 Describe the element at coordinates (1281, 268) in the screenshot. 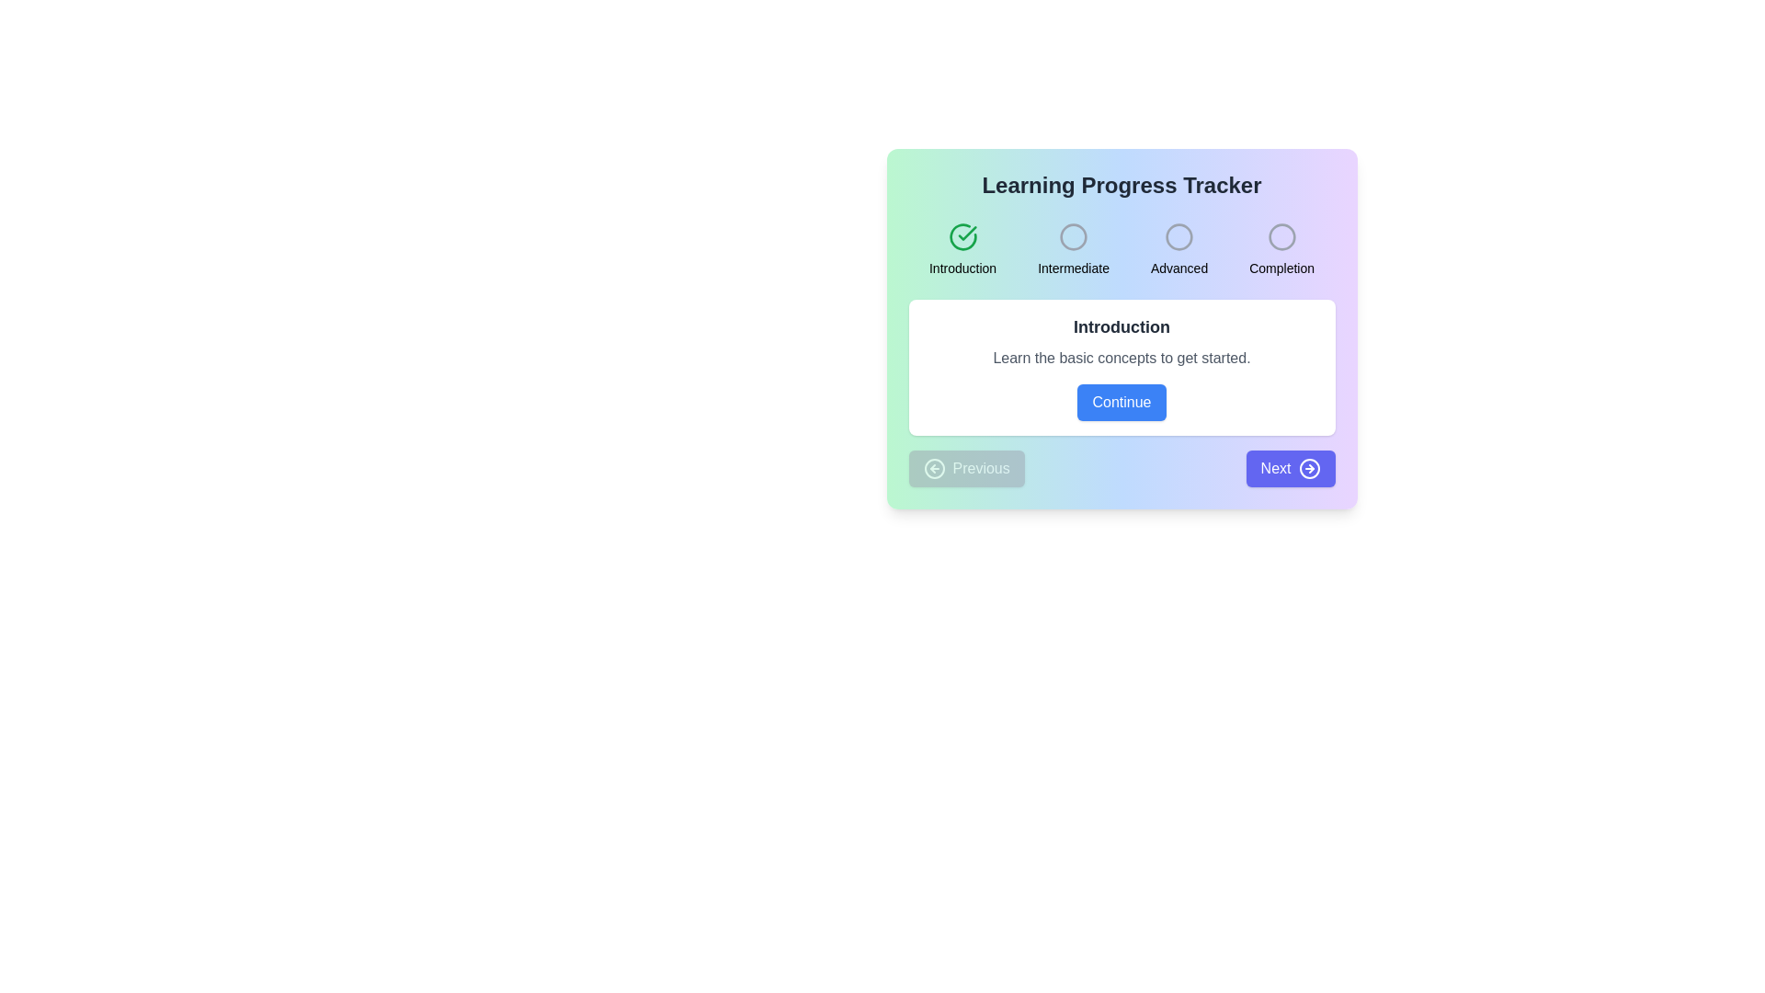

I see `the static text label displaying 'Completion' located at the bottom of the circular icon in the progress tracker at the top center of the interface` at that location.